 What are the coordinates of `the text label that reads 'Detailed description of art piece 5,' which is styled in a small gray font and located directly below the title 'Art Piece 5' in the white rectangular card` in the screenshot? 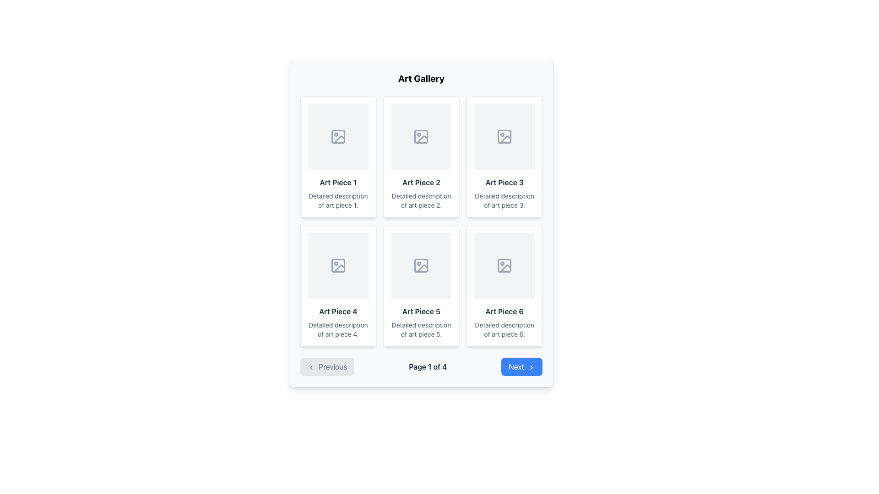 It's located at (421, 330).